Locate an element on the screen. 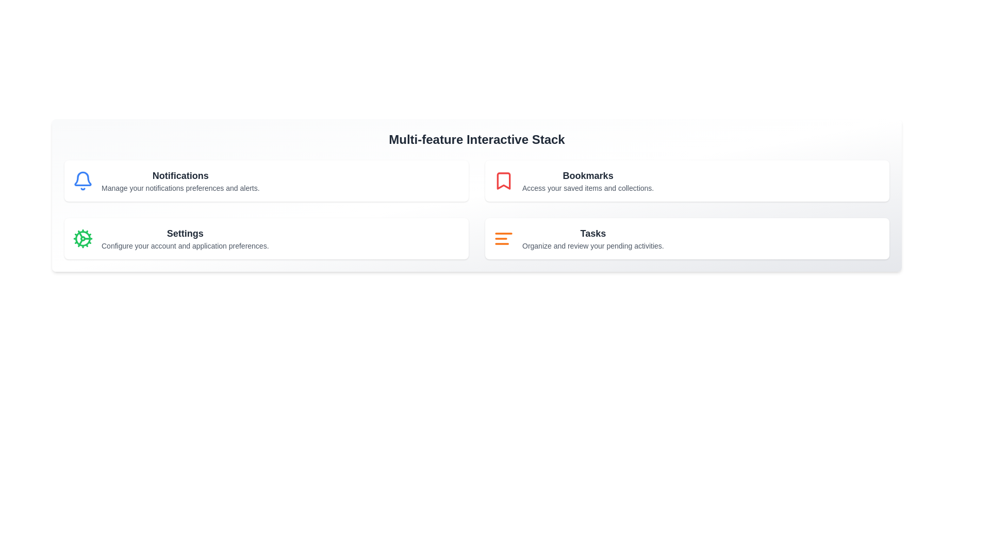 This screenshot has width=990, height=557. the alignment icon located to the left of the 'Tasks' text within the 'Tasks' card is located at coordinates (504, 238).